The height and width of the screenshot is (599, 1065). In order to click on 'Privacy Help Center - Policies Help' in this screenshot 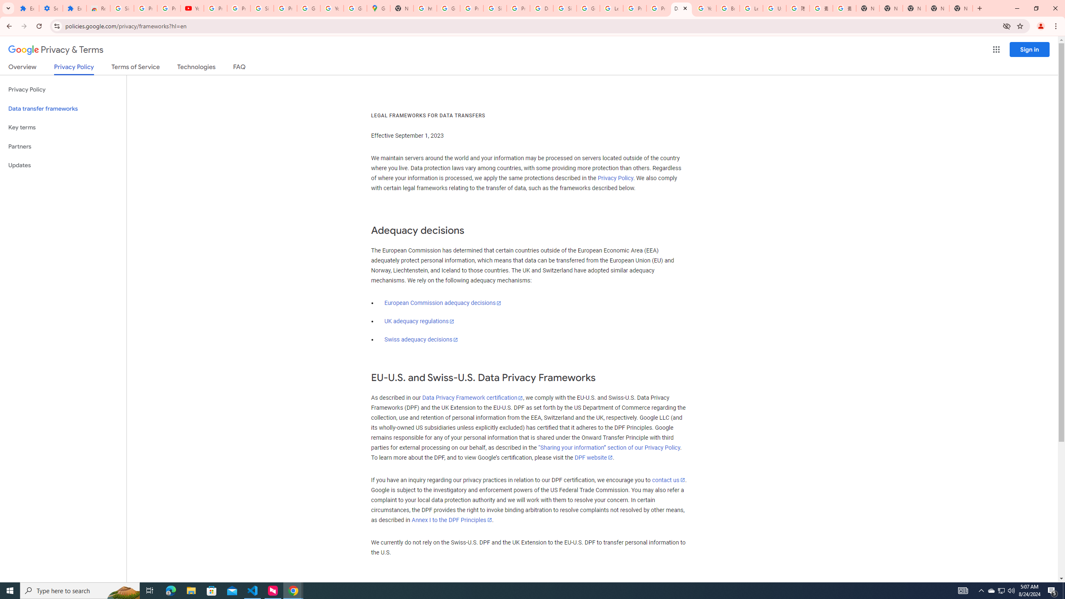, I will do `click(635, 8)`.